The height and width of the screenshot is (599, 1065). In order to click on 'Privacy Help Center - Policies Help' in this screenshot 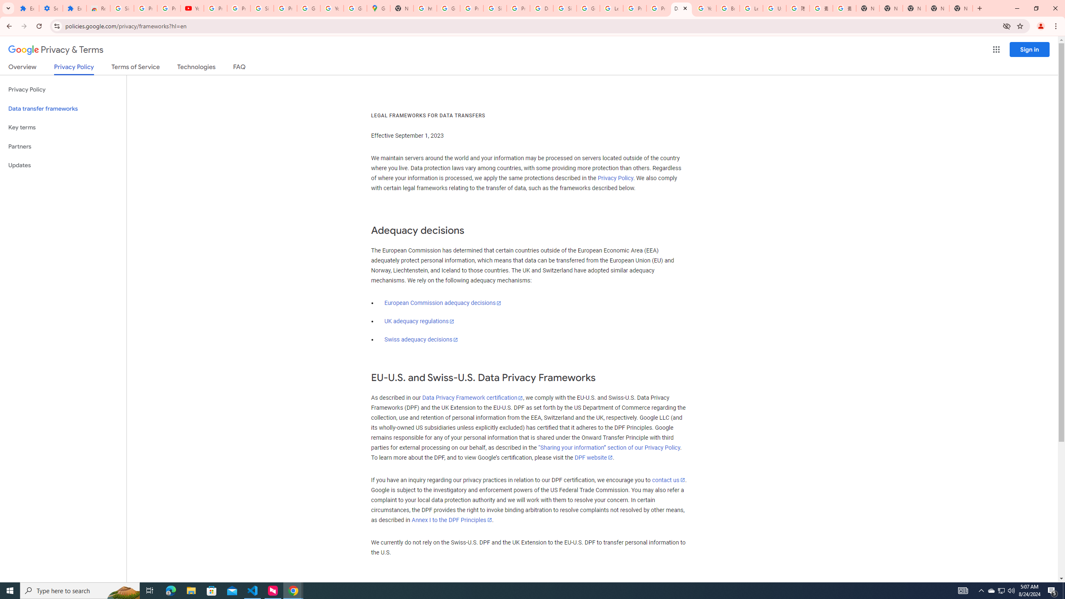, I will do `click(635, 8)`.